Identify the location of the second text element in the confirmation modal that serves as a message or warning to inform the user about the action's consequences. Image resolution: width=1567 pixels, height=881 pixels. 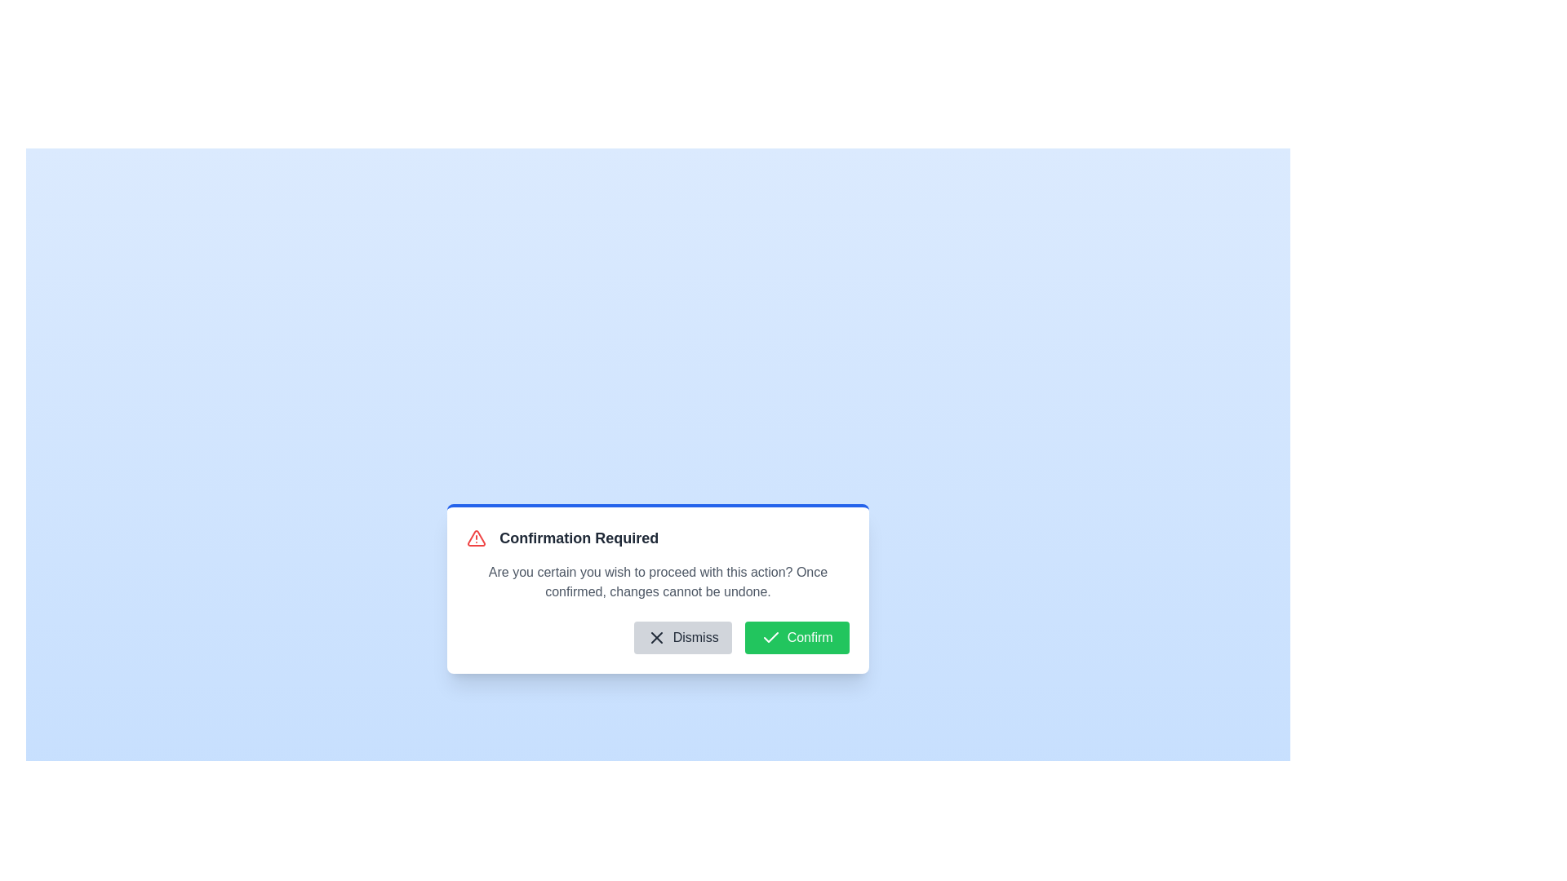
(658, 581).